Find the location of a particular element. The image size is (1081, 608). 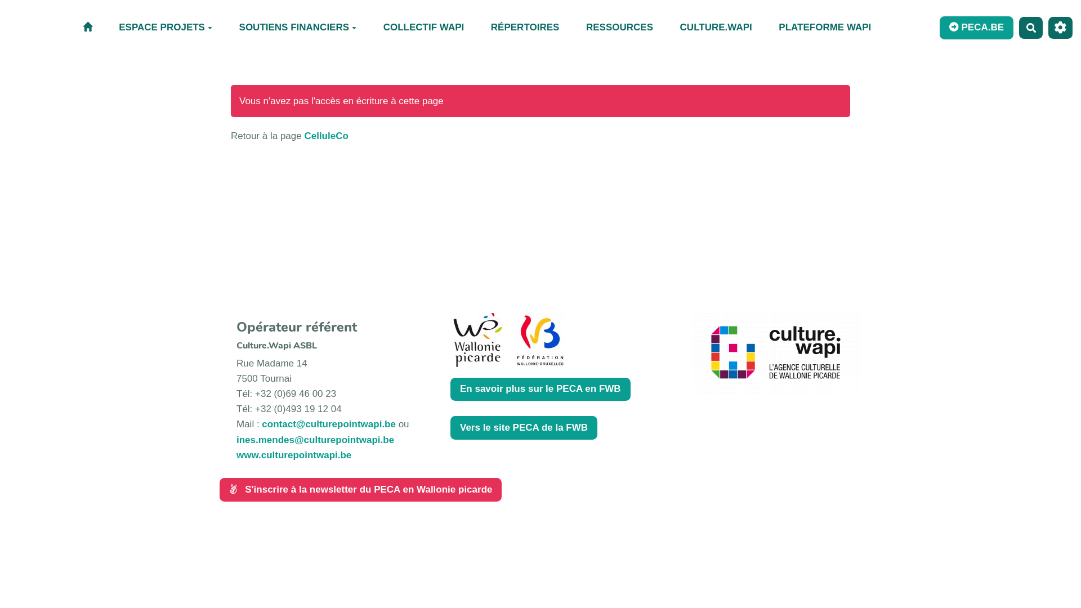

'contact@culturepointwapi.be' is located at coordinates (328, 424).